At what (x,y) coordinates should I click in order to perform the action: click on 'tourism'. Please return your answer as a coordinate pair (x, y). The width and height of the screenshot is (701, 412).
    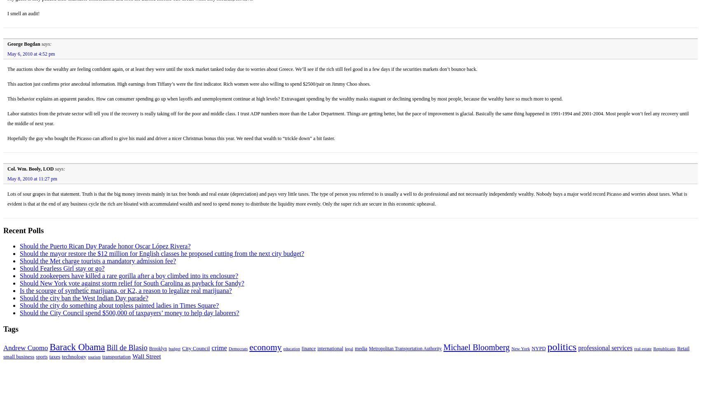
    Looking at the image, I should click on (94, 356).